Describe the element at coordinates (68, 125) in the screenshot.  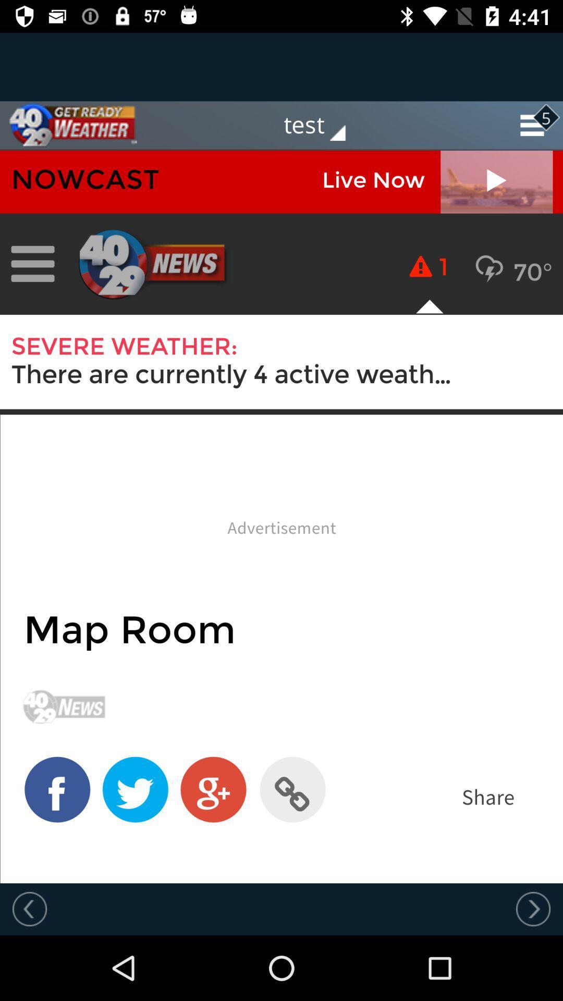
I see `weather` at that location.